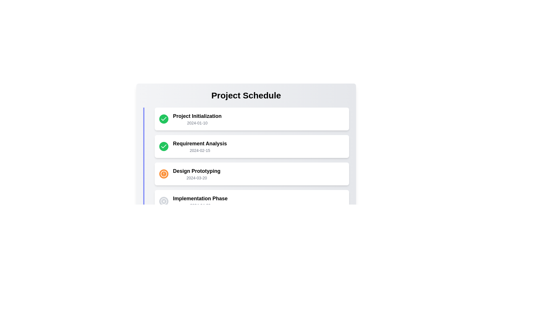 This screenshot has width=549, height=309. What do you see at coordinates (163, 146) in the screenshot?
I see `the green circular icon with a white checkmark indicating completion, located in the 'Project Initialization' section at the top of the vertical list in the 'Project Schedule' area` at bounding box center [163, 146].